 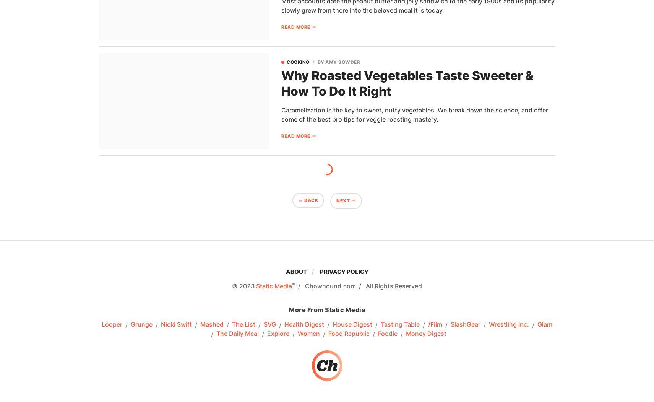 I want to click on '© 2023', so click(x=243, y=286).